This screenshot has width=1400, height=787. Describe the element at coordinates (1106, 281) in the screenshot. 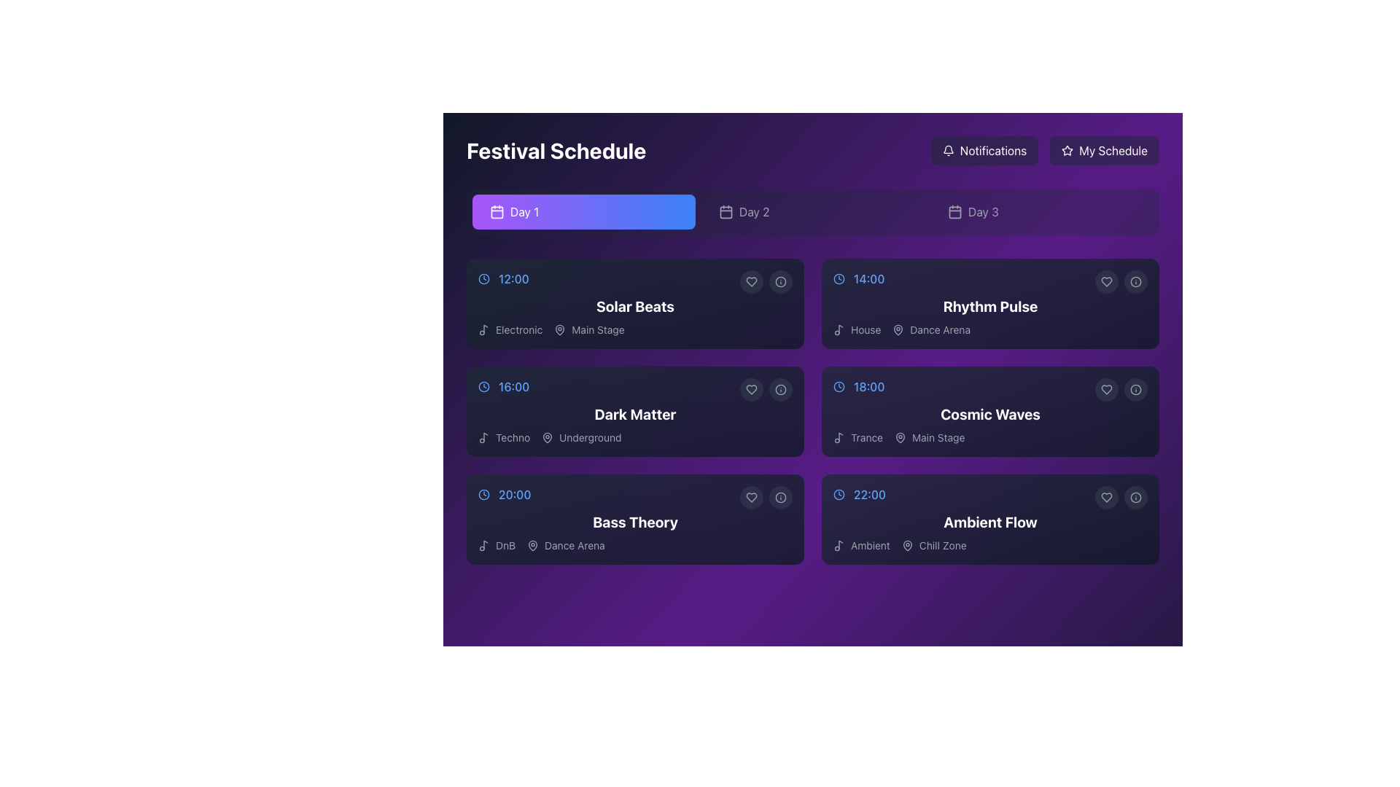

I see `the heart-shaped button located in the top-right corner of the 'Rhythm Pulse' schedule card` at that location.